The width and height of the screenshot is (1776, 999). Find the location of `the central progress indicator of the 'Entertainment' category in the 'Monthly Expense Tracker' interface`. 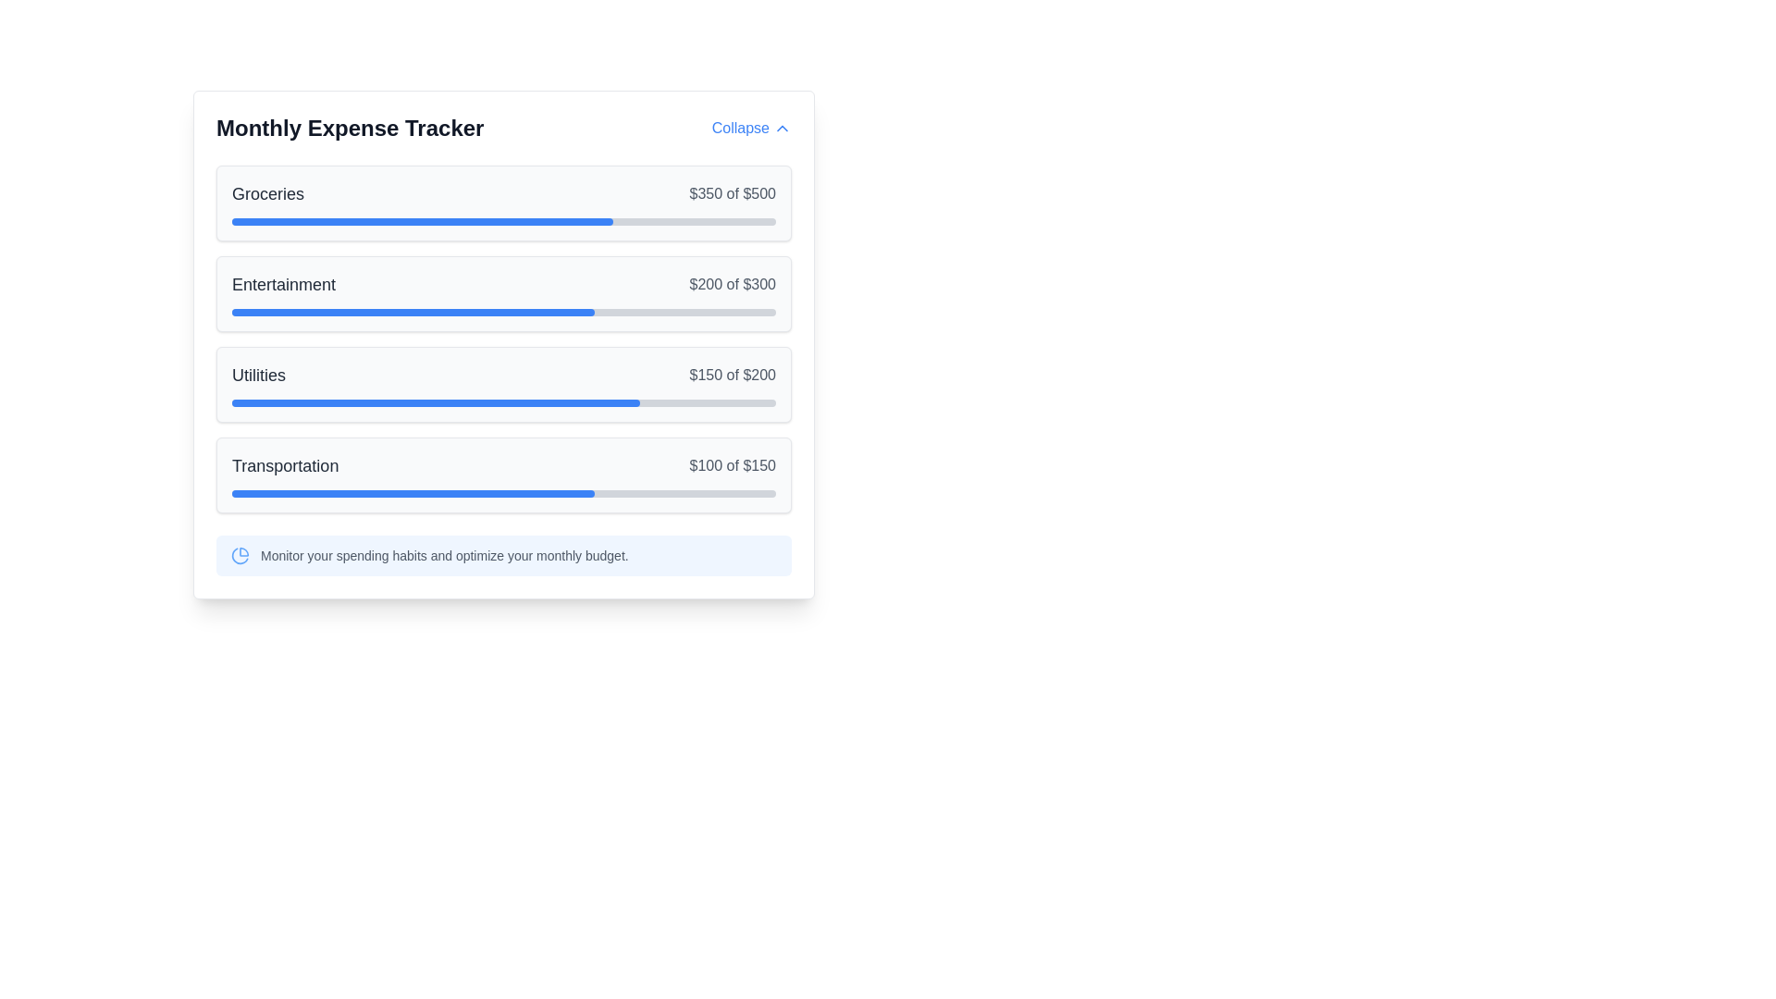

the central progress indicator of the 'Entertainment' category in the 'Monthly Expense Tracker' interface is located at coordinates (412, 312).